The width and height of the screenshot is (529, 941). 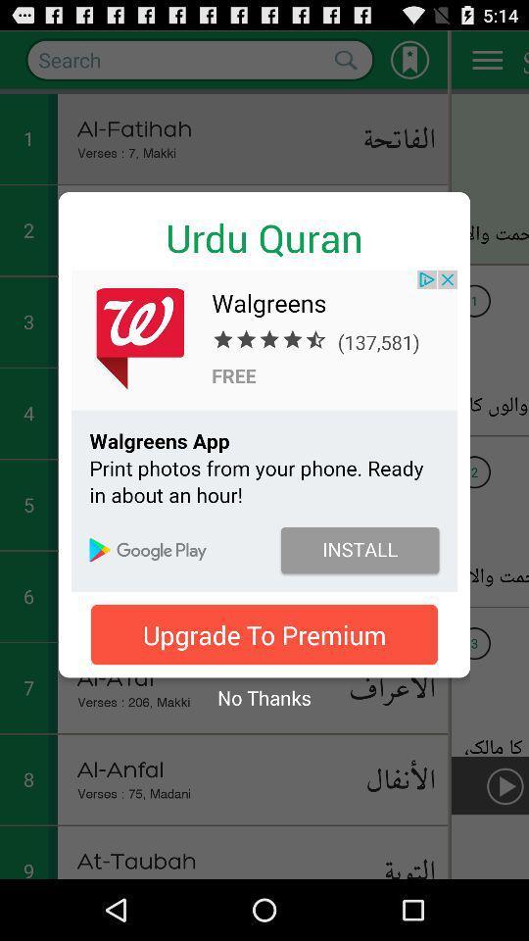 I want to click on popup advertisement, so click(x=264, y=430).